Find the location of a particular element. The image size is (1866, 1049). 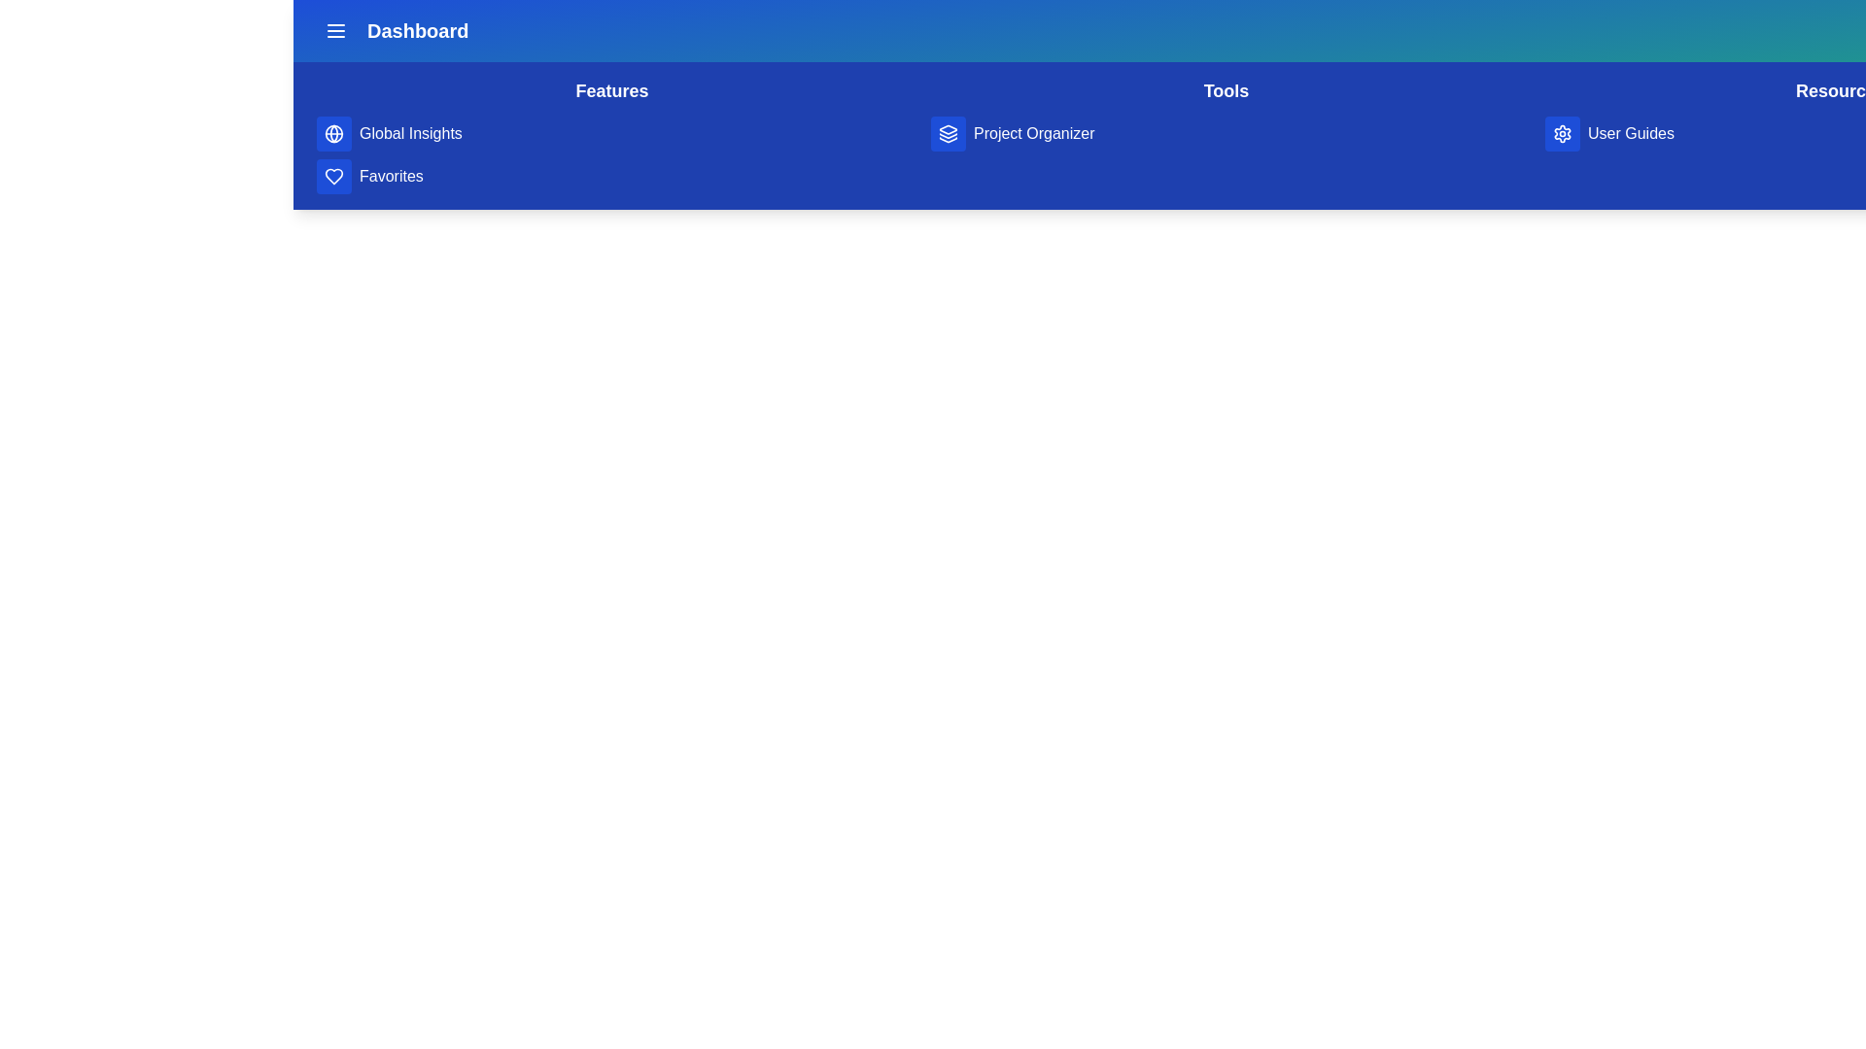

the blue heart icon representing the 'Favorites' feature located in the left vertical navigation bar below 'Global Insights' is located at coordinates (334, 176).